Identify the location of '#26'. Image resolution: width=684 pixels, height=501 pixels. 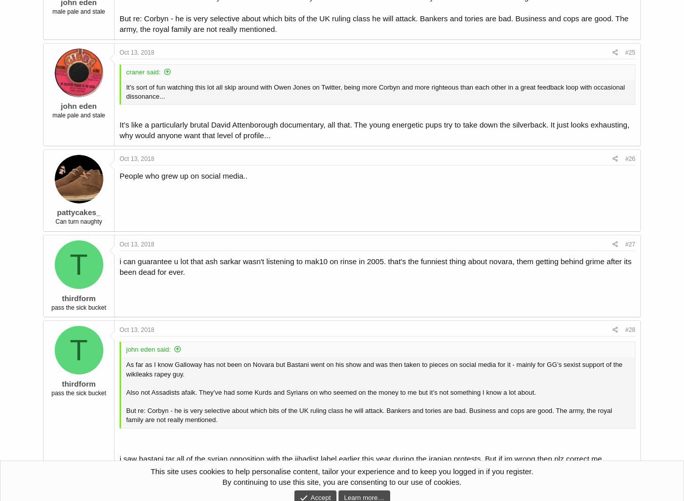
(630, 158).